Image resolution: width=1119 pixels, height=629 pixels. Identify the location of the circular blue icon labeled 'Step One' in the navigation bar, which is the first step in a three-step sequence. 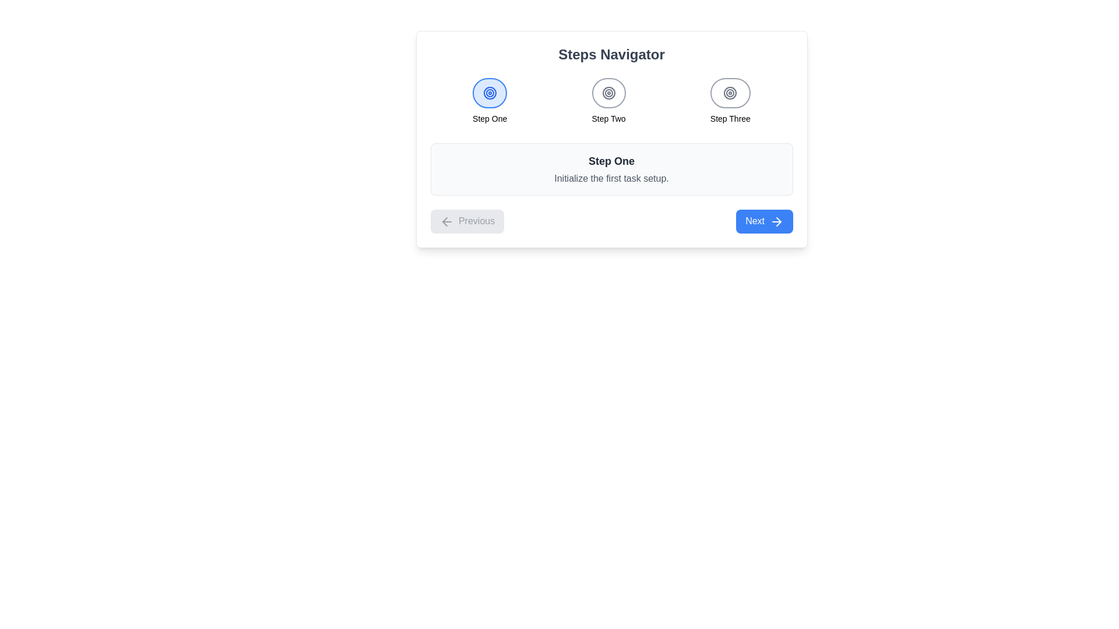
(490, 100).